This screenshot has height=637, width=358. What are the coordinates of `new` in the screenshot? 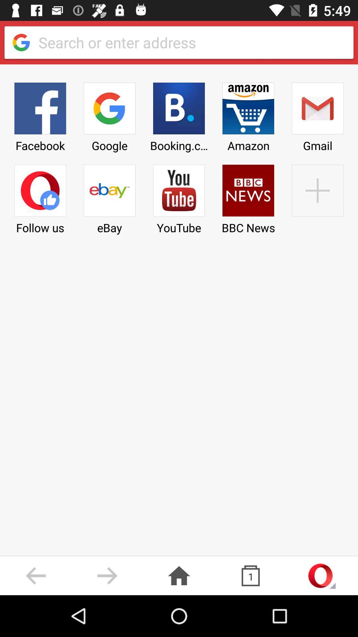 It's located at (317, 197).